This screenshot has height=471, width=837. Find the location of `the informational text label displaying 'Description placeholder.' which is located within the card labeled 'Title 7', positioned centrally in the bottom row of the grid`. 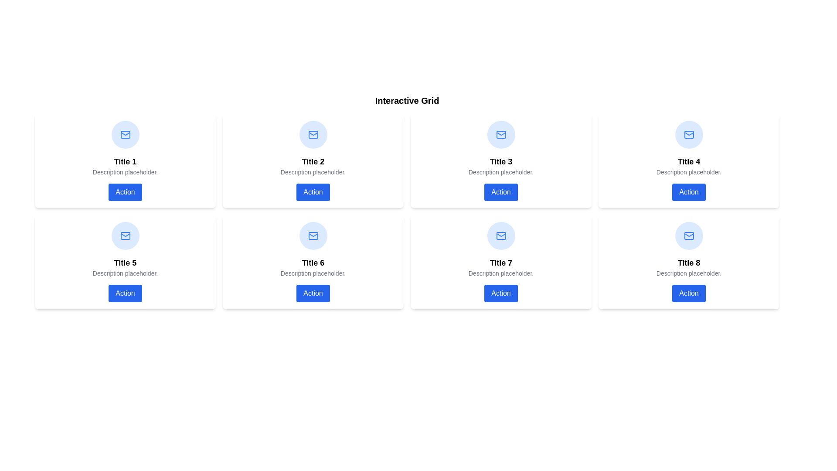

the informational text label displaying 'Description placeholder.' which is located within the card labeled 'Title 7', positioned centrally in the bottom row of the grid is located at coordinates (501, 273).